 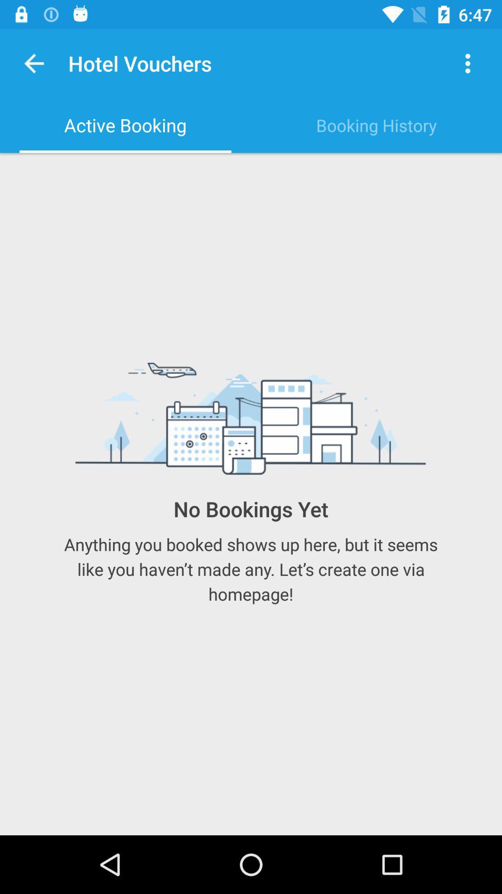 What do you see at coordinates (33, 63) in the screenshot?
I see `go back` at bounding box center [33, 63].